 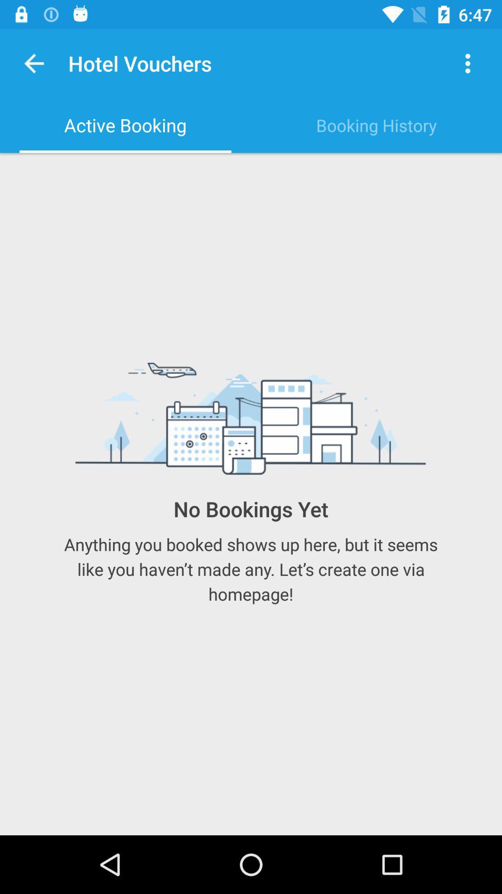 What do you see at coordinates (33, 63) in the screenshot?
I see `go back` at bounding box center [33, 63].